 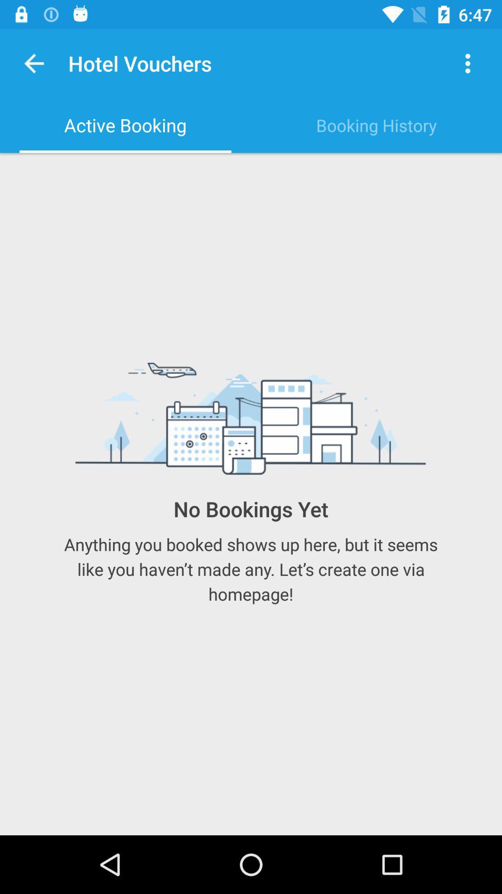 What do you see at coordinates (33, 63) in the screenshot?
I see `go back` at bounding box center [33, 63].